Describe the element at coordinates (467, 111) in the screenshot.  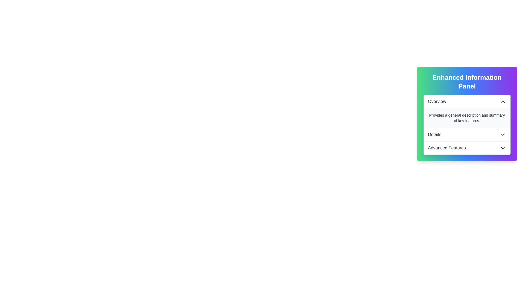
I see `summary text located in the 'Overview' section, which provides supplementary information directly below the 'Overview' heading` at that location.